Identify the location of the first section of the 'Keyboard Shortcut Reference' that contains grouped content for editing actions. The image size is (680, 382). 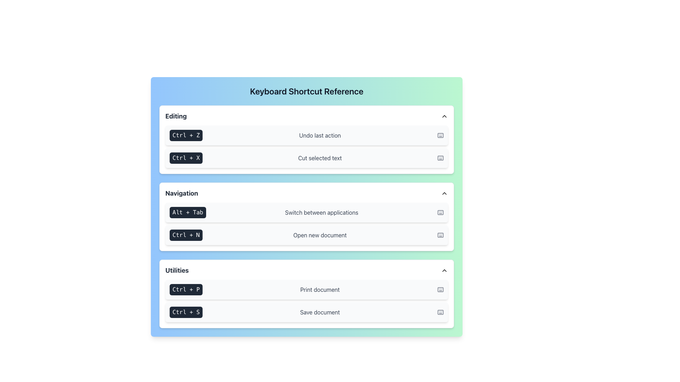
(306, 139).